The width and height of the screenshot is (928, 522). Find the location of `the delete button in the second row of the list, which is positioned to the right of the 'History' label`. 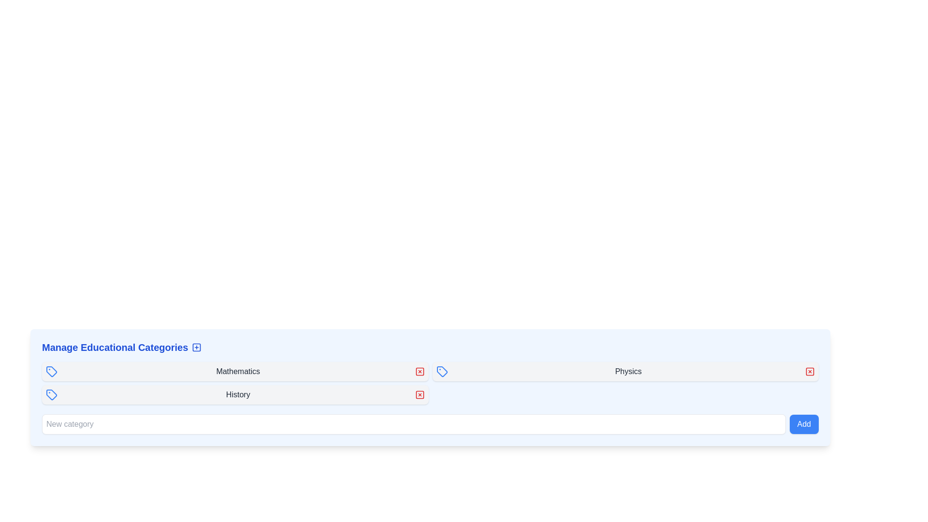

the delete button in the second row of the list, which is positioned to the right of the 'History' label is located at coordinates (420, 395).